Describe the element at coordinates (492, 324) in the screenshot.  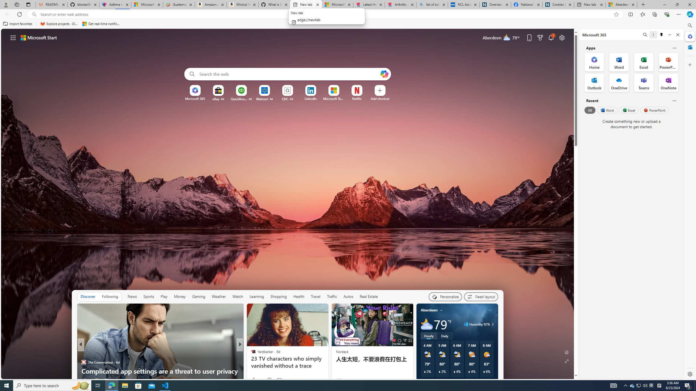
I see `'Class: weather-arrow-glyph'` at that location.